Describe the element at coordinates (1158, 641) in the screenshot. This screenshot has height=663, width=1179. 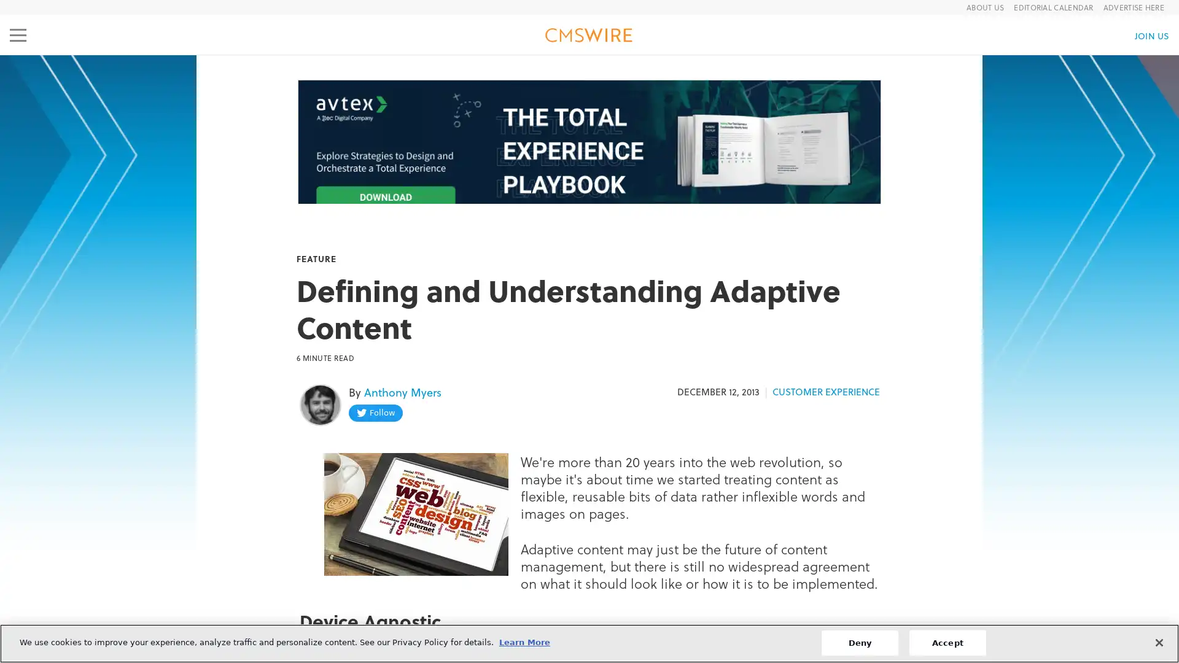
I see `Close` at that location.